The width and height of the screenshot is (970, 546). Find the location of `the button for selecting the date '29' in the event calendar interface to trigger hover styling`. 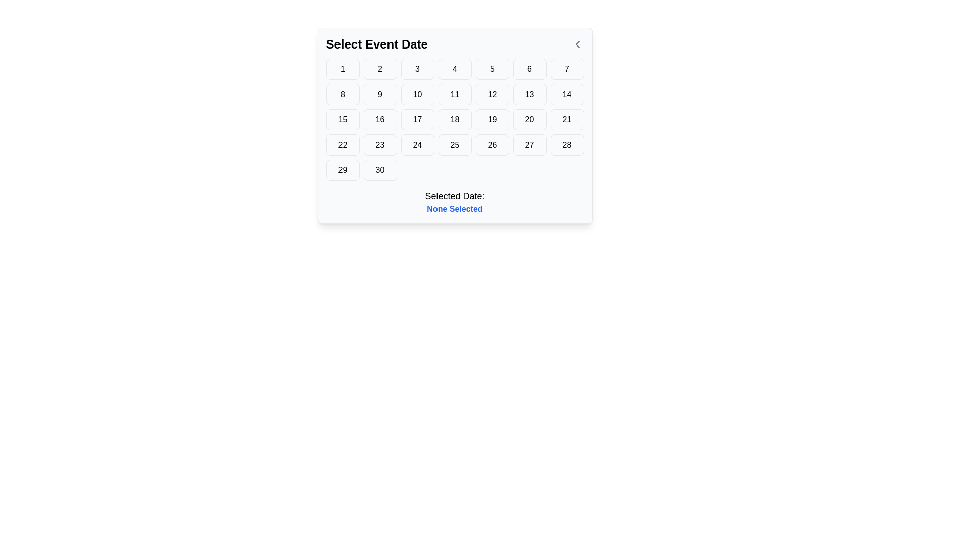

the button for selecting the date '29' in the event calendar interface to trigger hover styling is located at coordinates (343, 169).